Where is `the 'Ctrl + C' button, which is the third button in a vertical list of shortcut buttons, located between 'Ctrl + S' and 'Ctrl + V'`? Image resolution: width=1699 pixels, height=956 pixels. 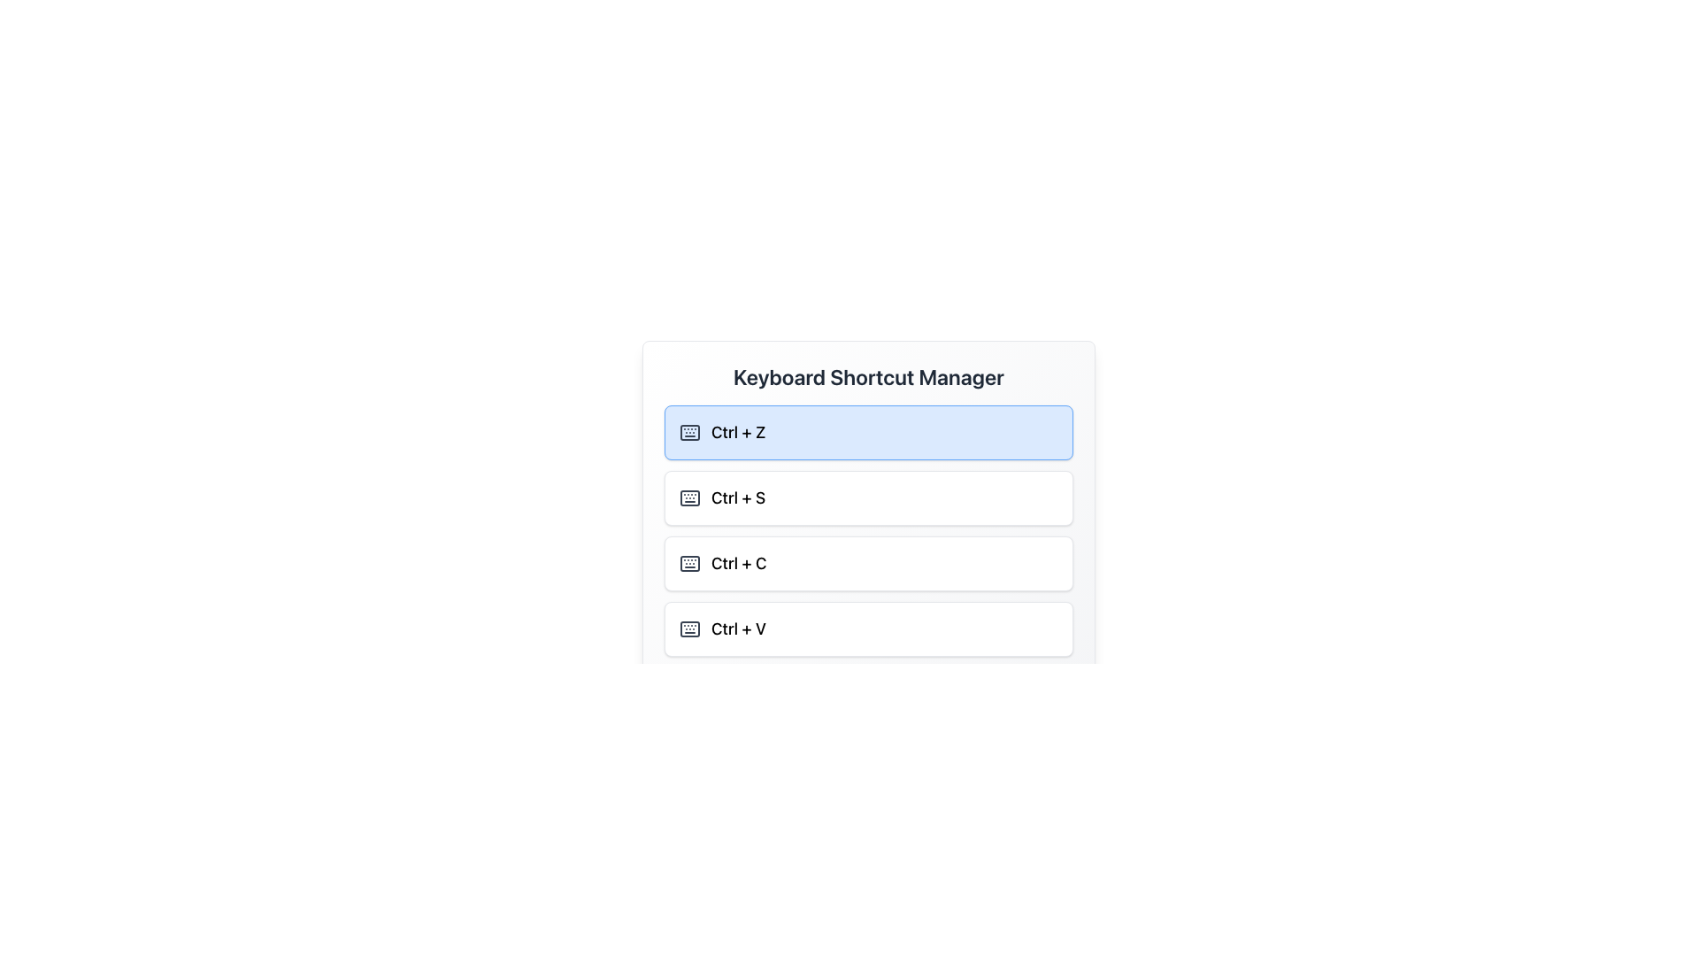
the 'Ctrl + C' button, which is the third button in a vertical list of shortcut buttons, located between 'Ctrl + S' and 'Ctrl + V' is located at coordinates (869, 563).